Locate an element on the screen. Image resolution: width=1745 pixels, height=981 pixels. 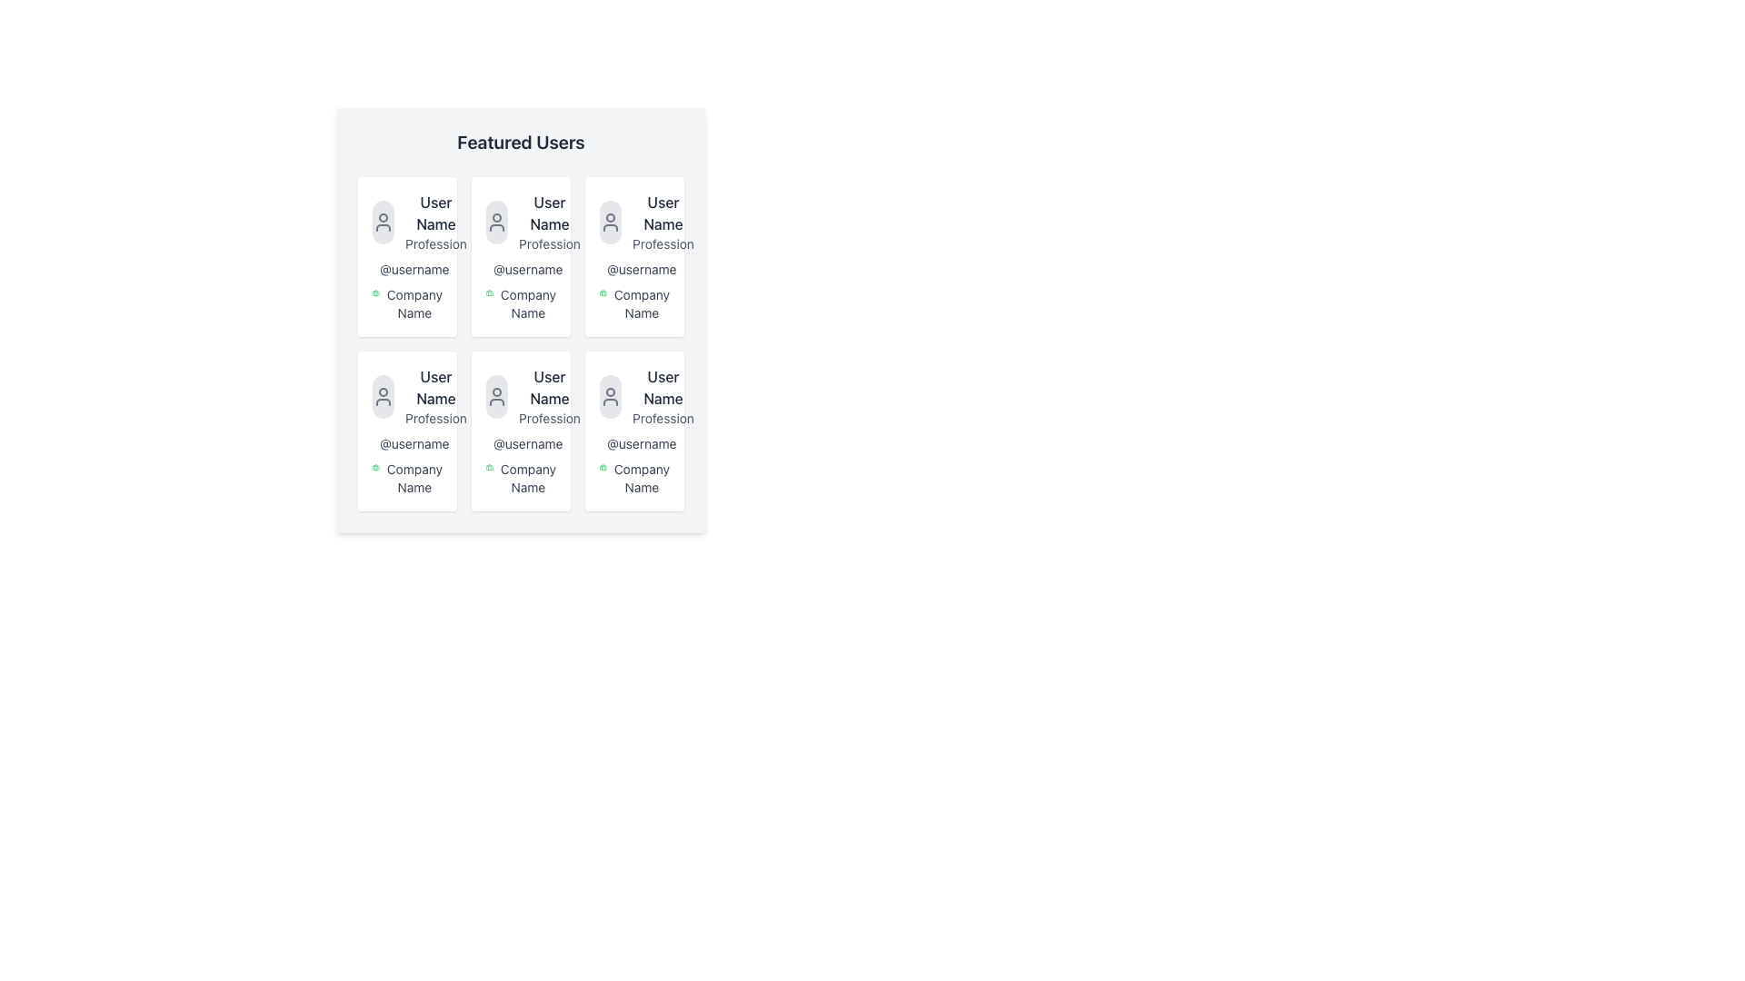
the SVG icon representing a user silhouette, which is the first icon in the top-left corner of the user profile grid is located at coordinates (383, 222).